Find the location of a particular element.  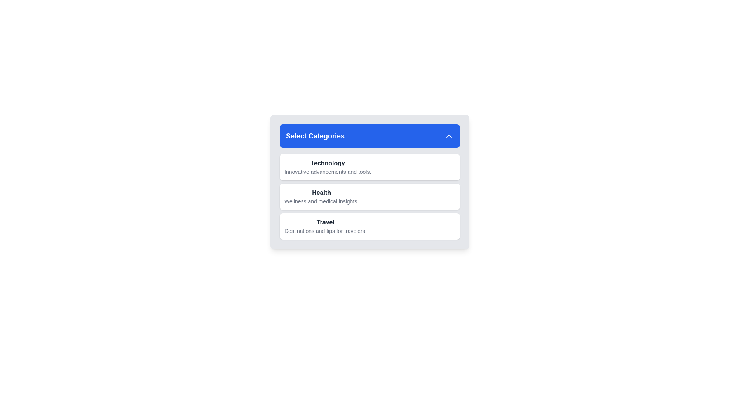

the 'Health' section in the 'Select Categories' card is located at coordinates (369, 196).